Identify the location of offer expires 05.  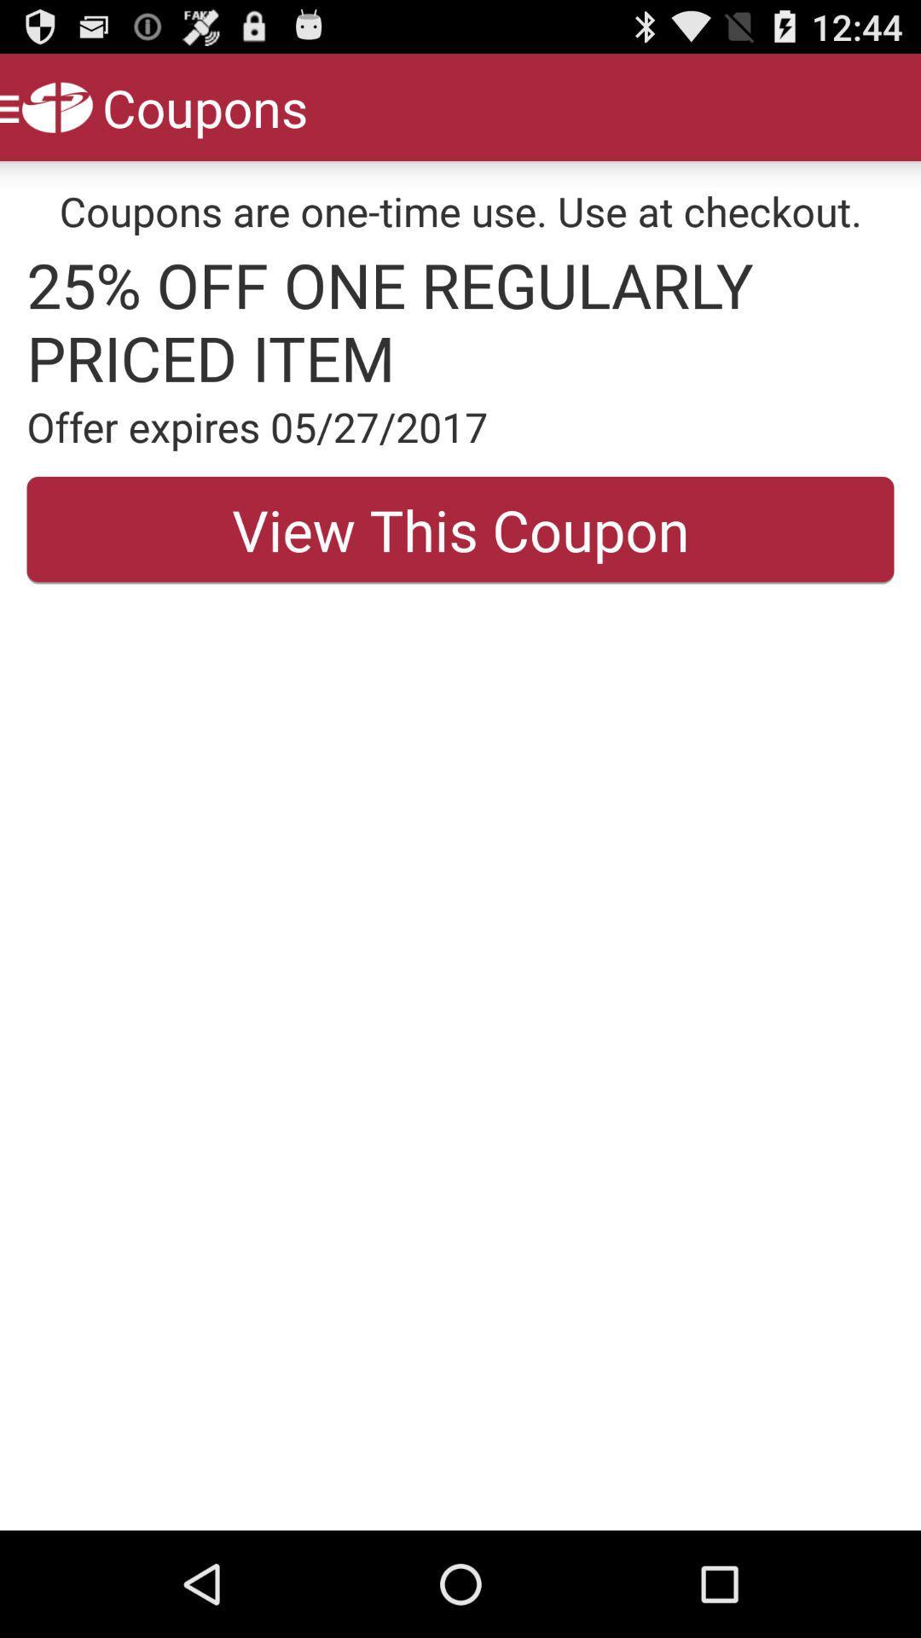
(460, 427).